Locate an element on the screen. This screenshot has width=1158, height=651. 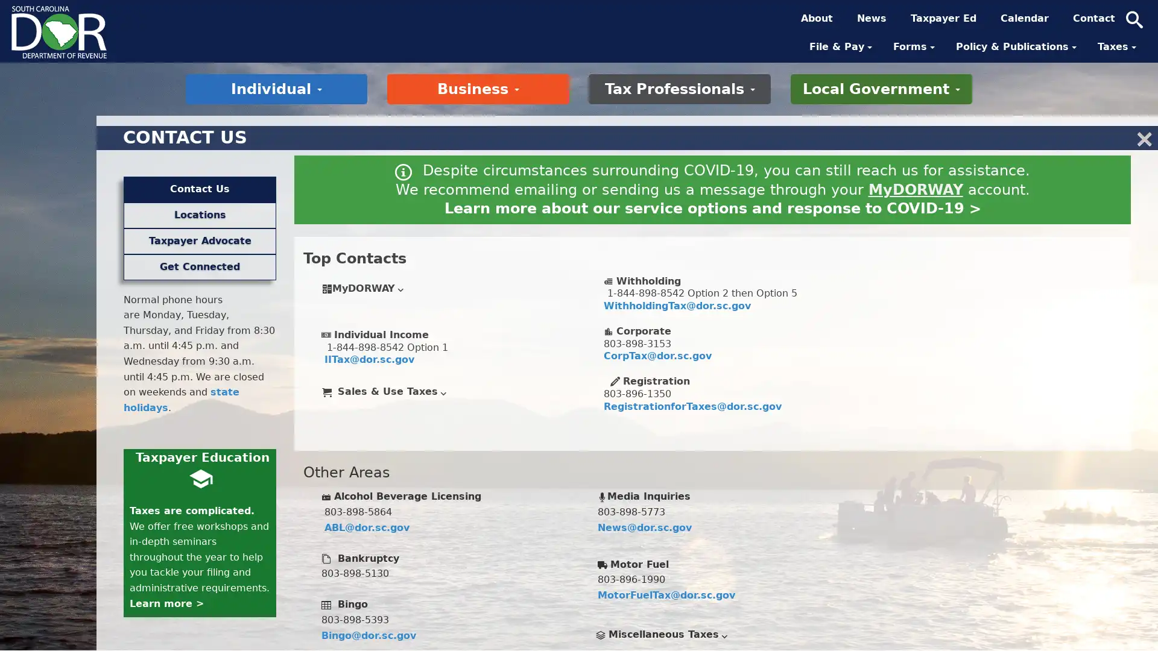
Business is located at coordinates (477, 87).